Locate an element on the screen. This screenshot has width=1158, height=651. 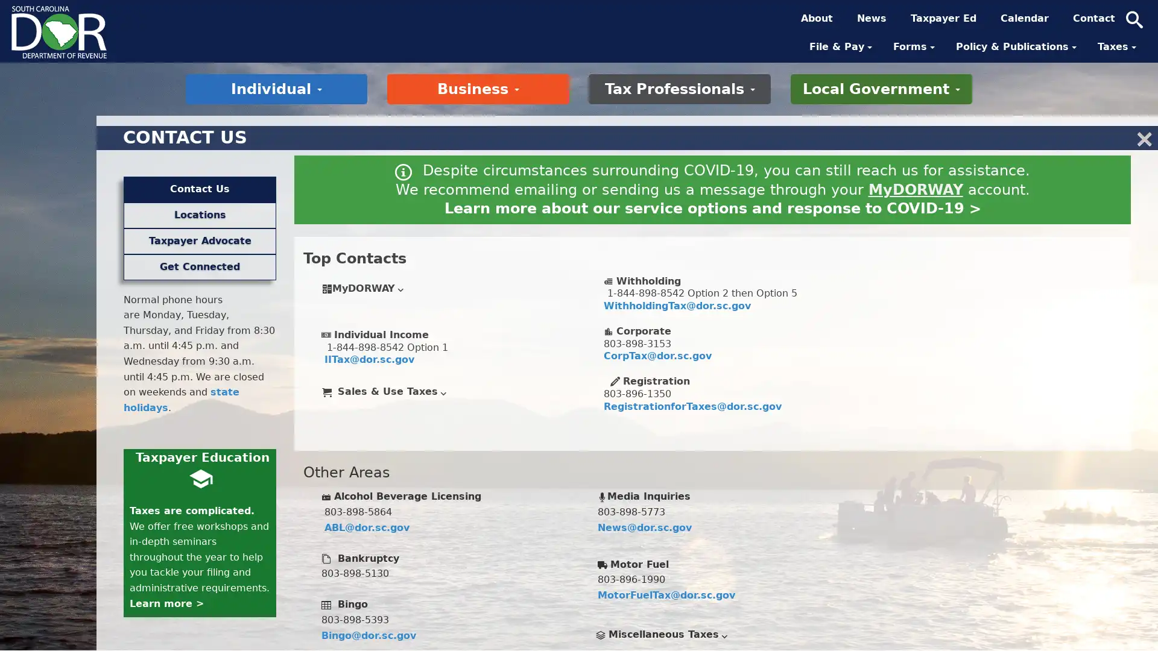
Business is located at coordinates (477, 87).